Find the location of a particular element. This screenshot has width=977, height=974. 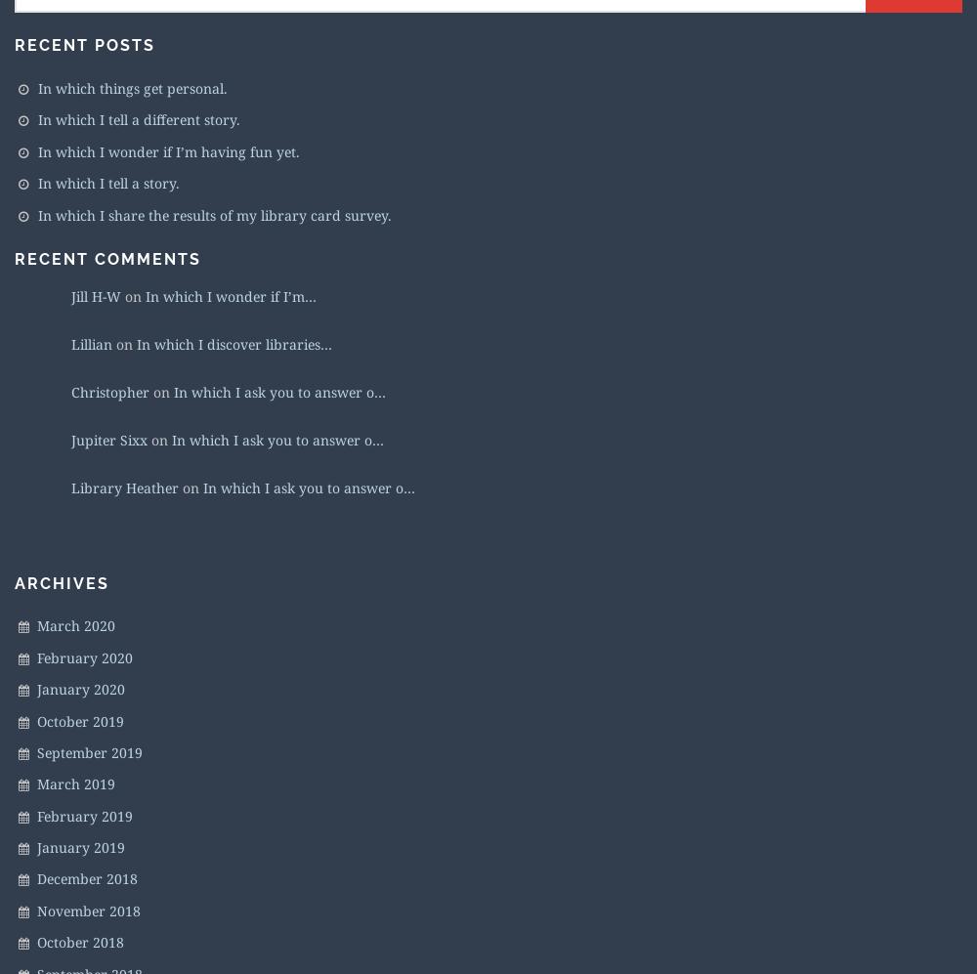

'Library Heather' is located at coordinates (70, 487).